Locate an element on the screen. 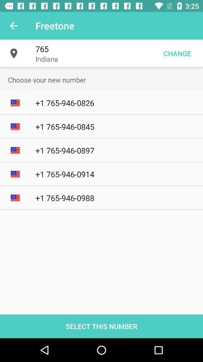  app to the left of the freetone is located at coordinates (14, 26).